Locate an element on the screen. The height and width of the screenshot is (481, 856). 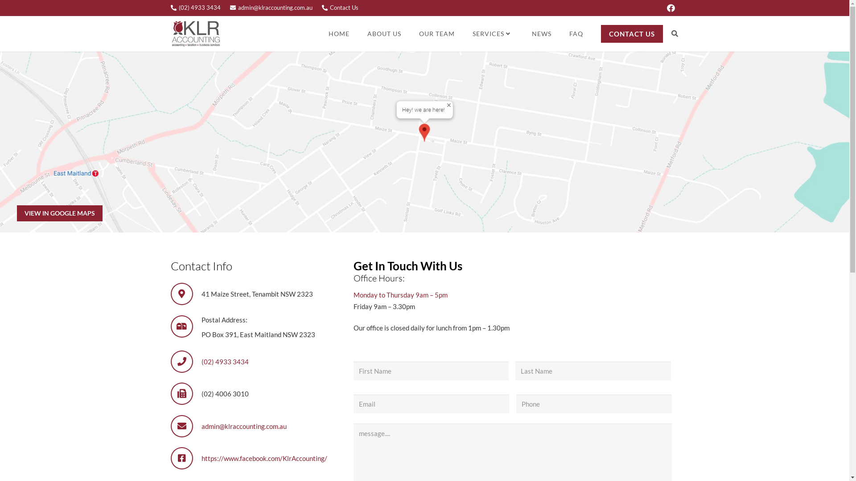
'VIEW IN GOOGLE MAPS' is located at coordinates (59, 213).